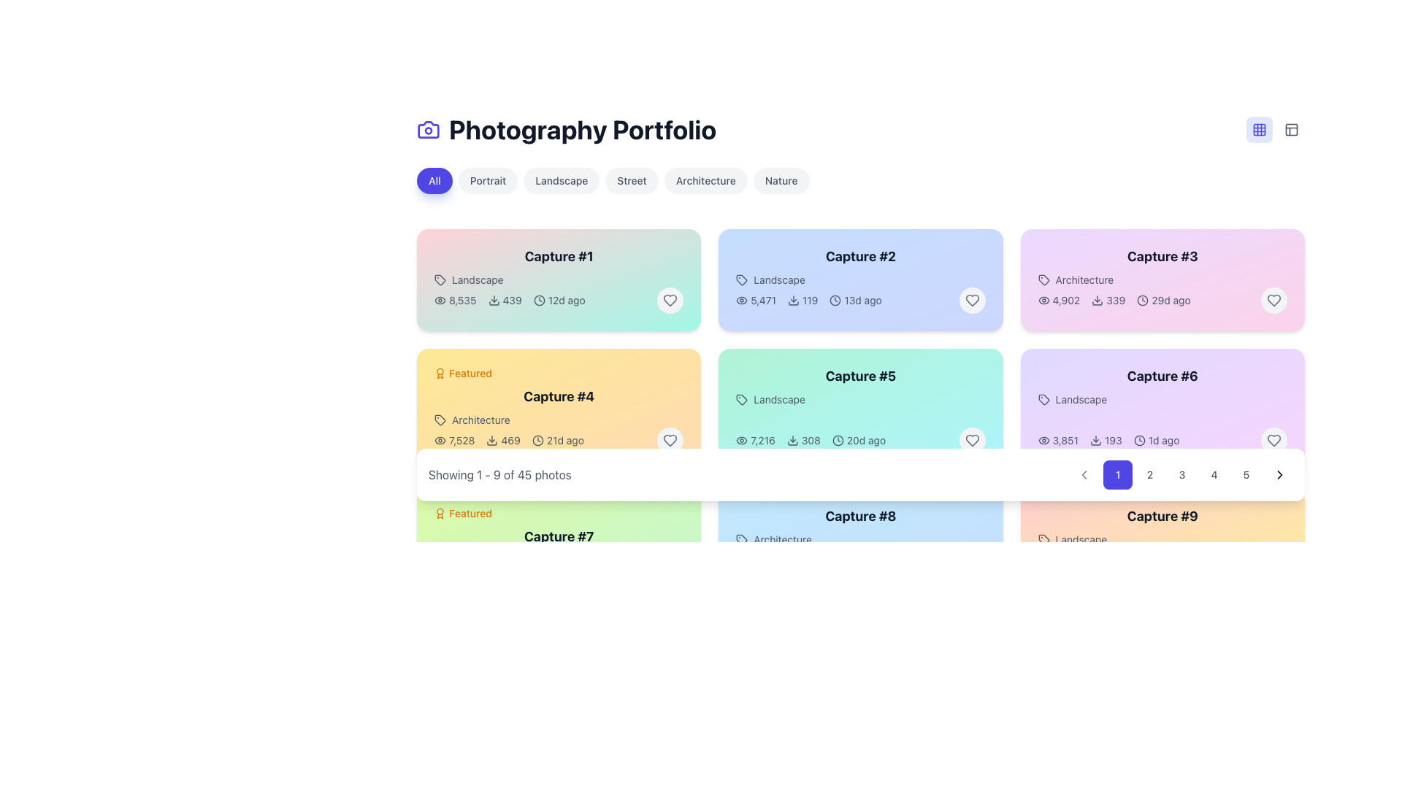 This screenshot has width=1402, height=788. What do you see at coordinates (434, 179) in the screenshot?
I see `the filter button located in the upper section of the page, which resets any applied filters and displays all items or categories` at bounding box center [434, 179].